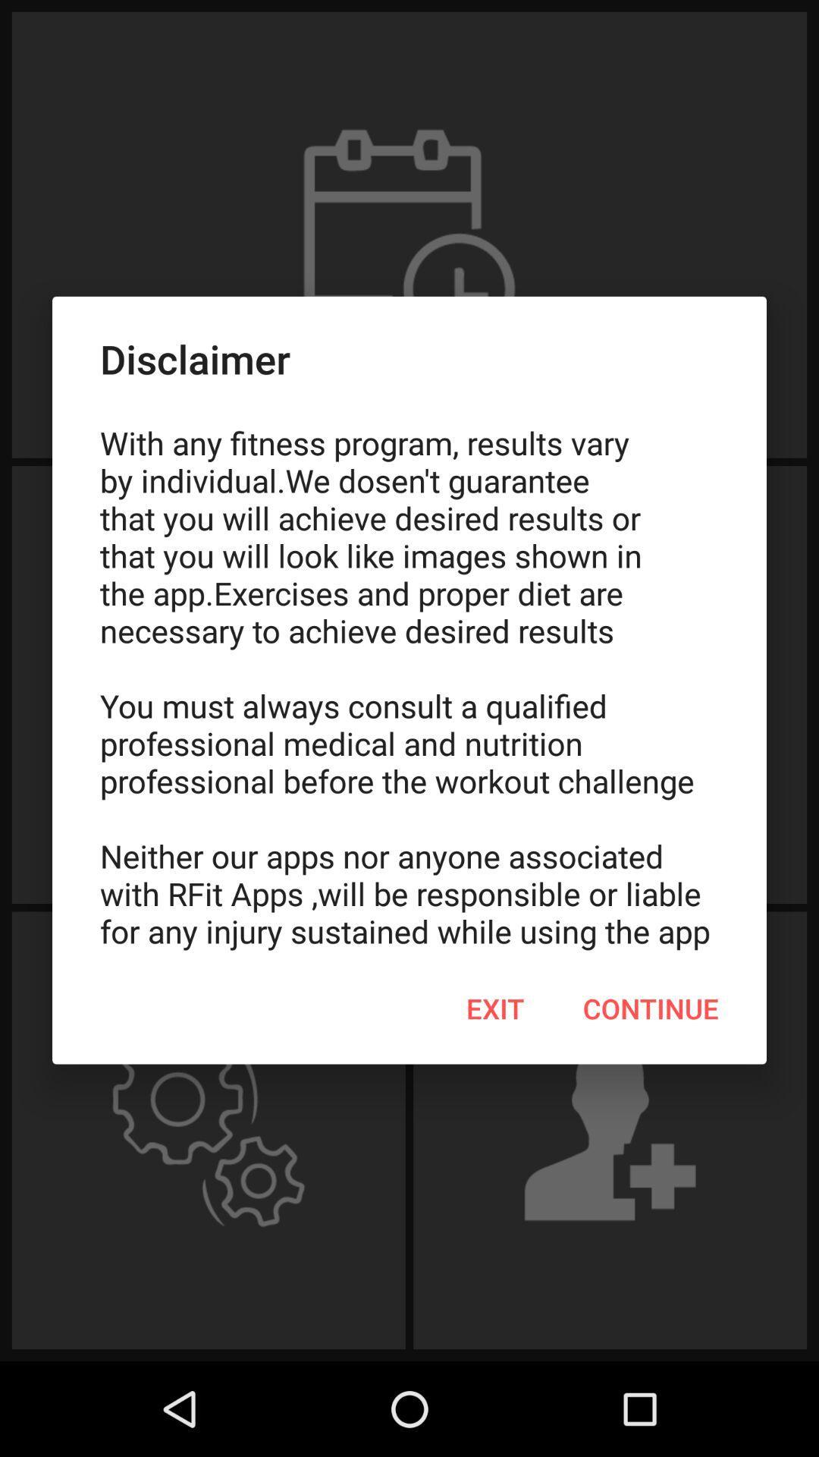 This screenshot has height=1457, width=819. What do you see at coordinates (650, 1009) in the screenshot?
I see `icon below with any fitness icon` at bounding box center [650, 1009].